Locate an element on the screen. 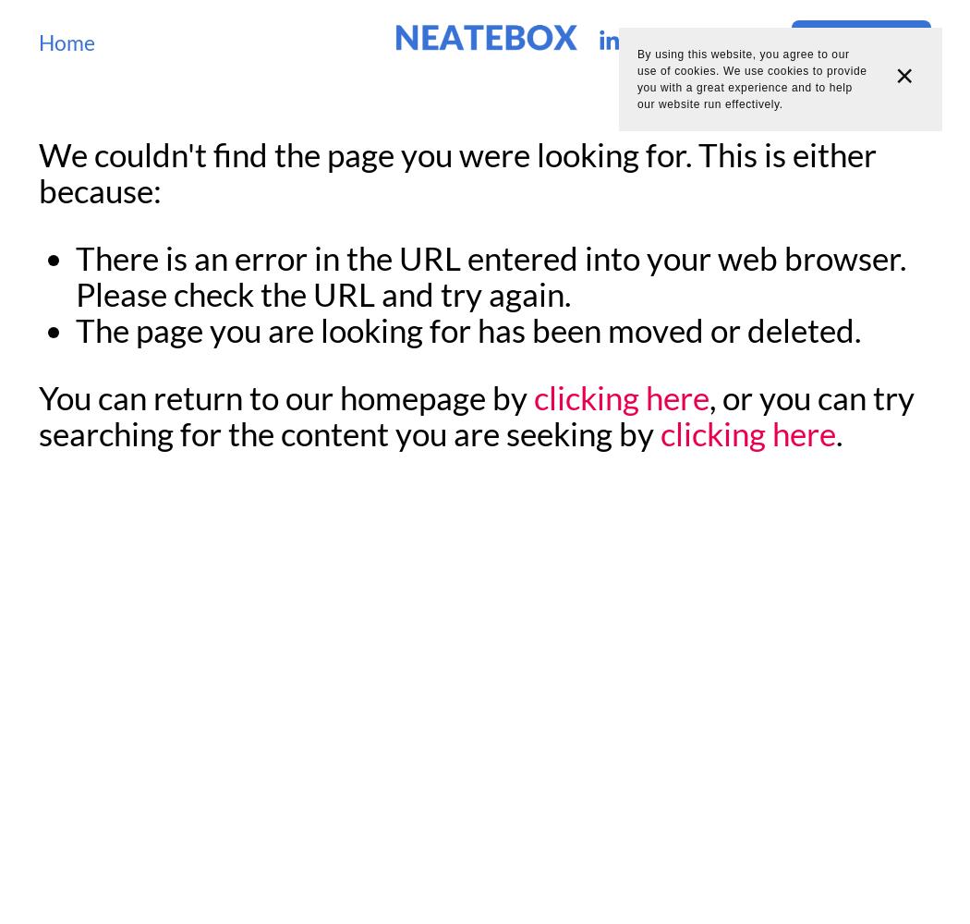 This screenshot has height=924, width=970. 'We couldn't find the page you were looking for. This is either because:' is located at coordinates (456, 172).